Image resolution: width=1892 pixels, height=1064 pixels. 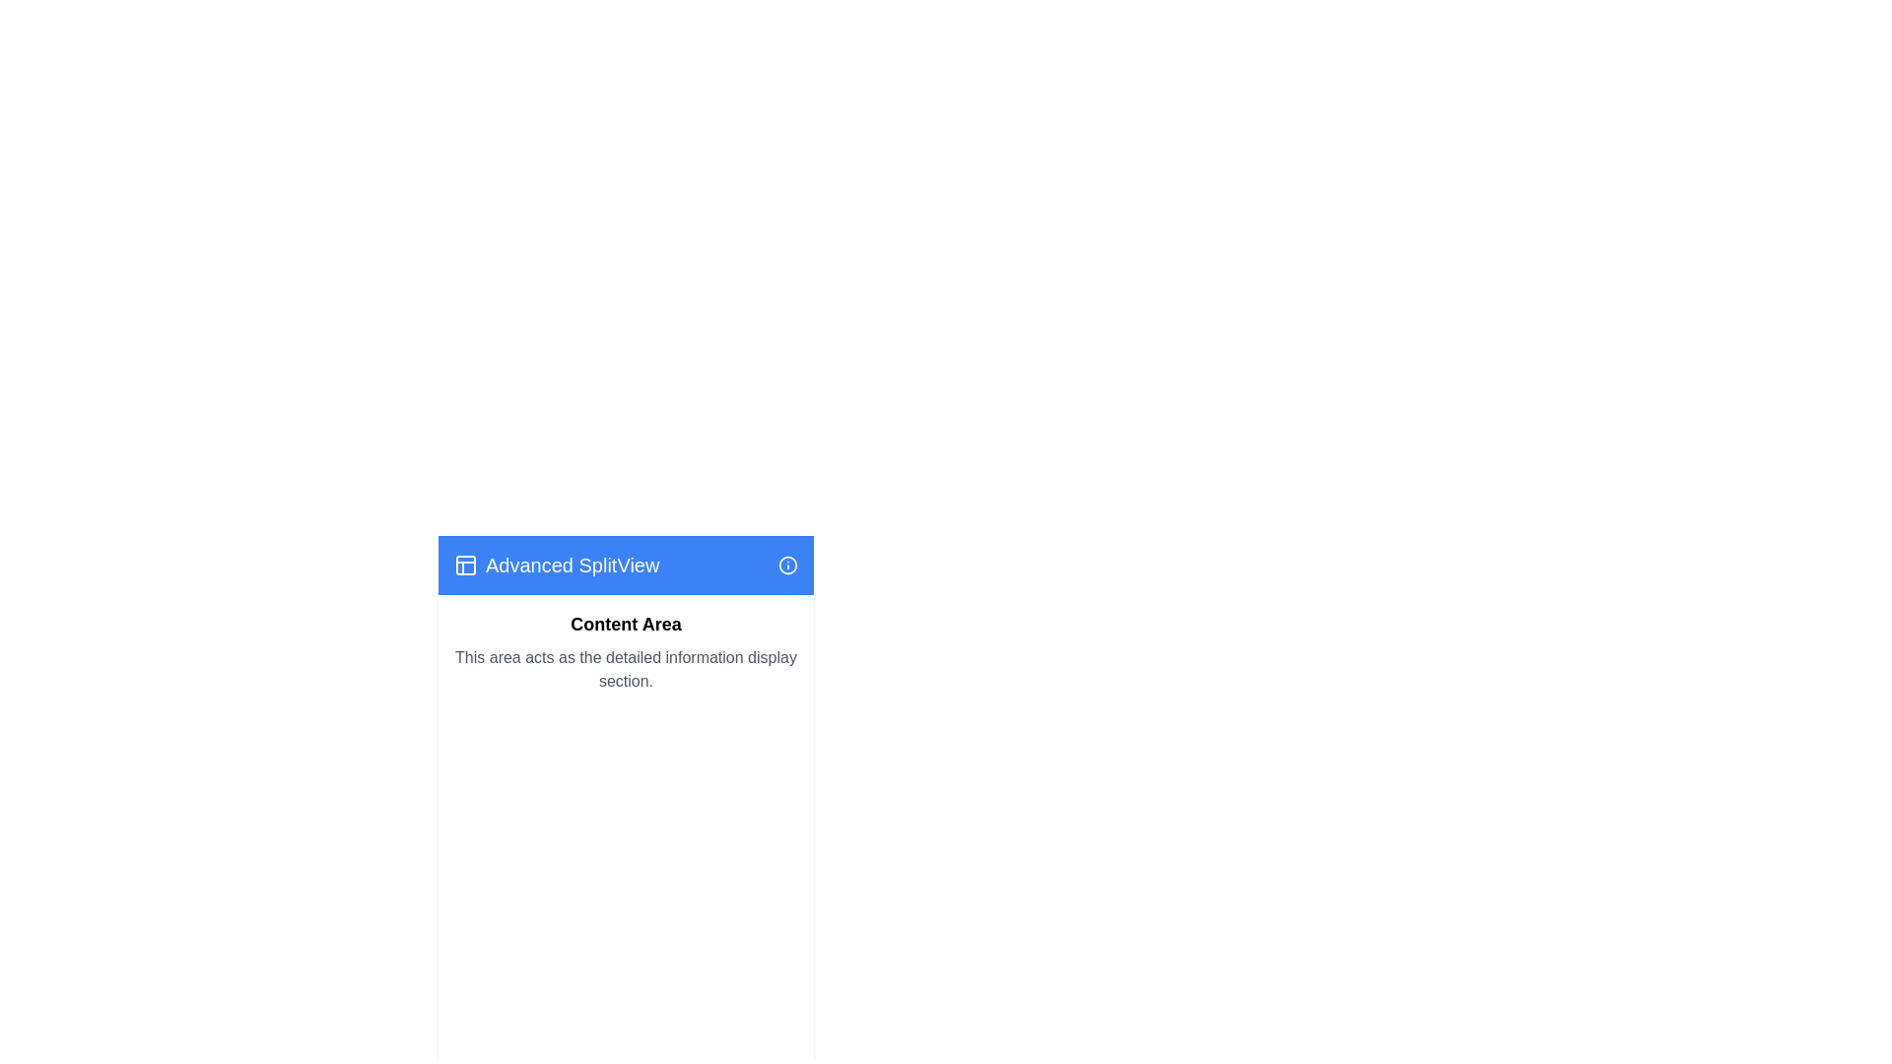 What do you see at coordinates (556, 565) in the screenshot?
I see `text label titled 'Advanced SplitView' which is prominently displayed in an extra-large font within a blue background, located at the top left of the header section` at bounding box center [556, 565].